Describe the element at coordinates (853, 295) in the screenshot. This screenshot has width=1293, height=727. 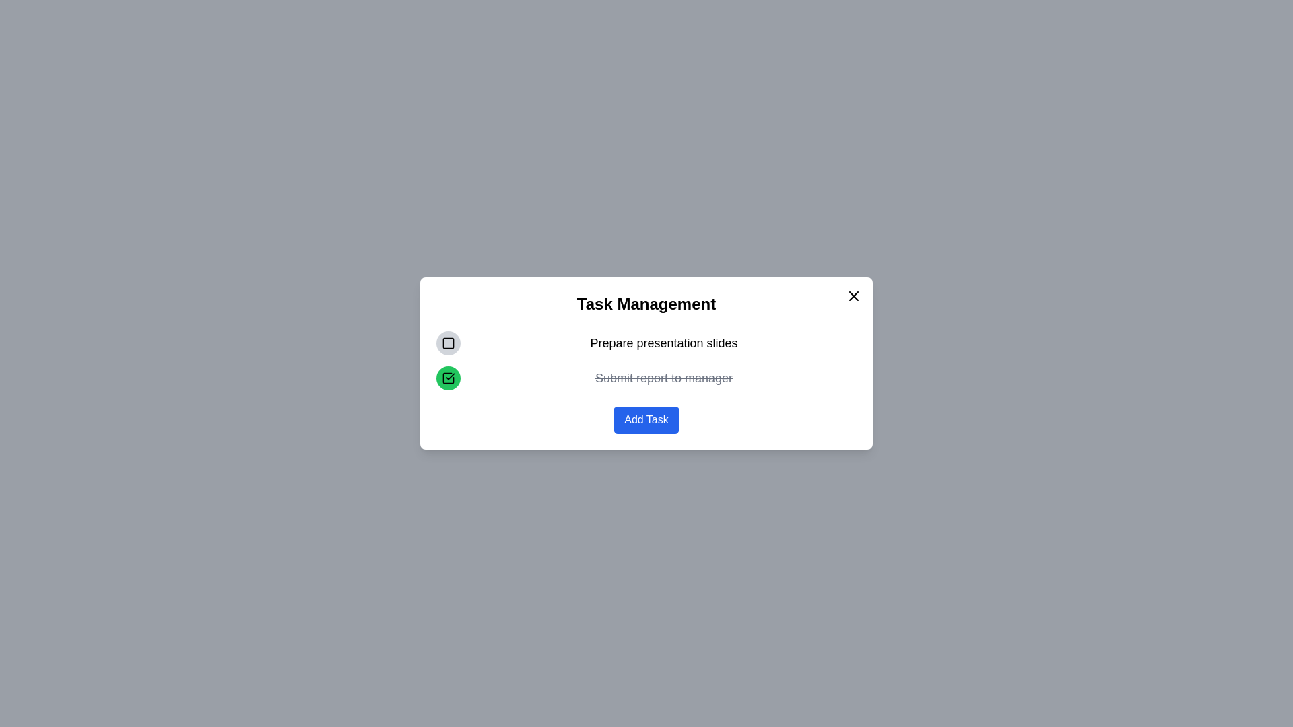
I see `the 'X' icon located at the top-right corner of the 'Task Management' dialog box` at that location.